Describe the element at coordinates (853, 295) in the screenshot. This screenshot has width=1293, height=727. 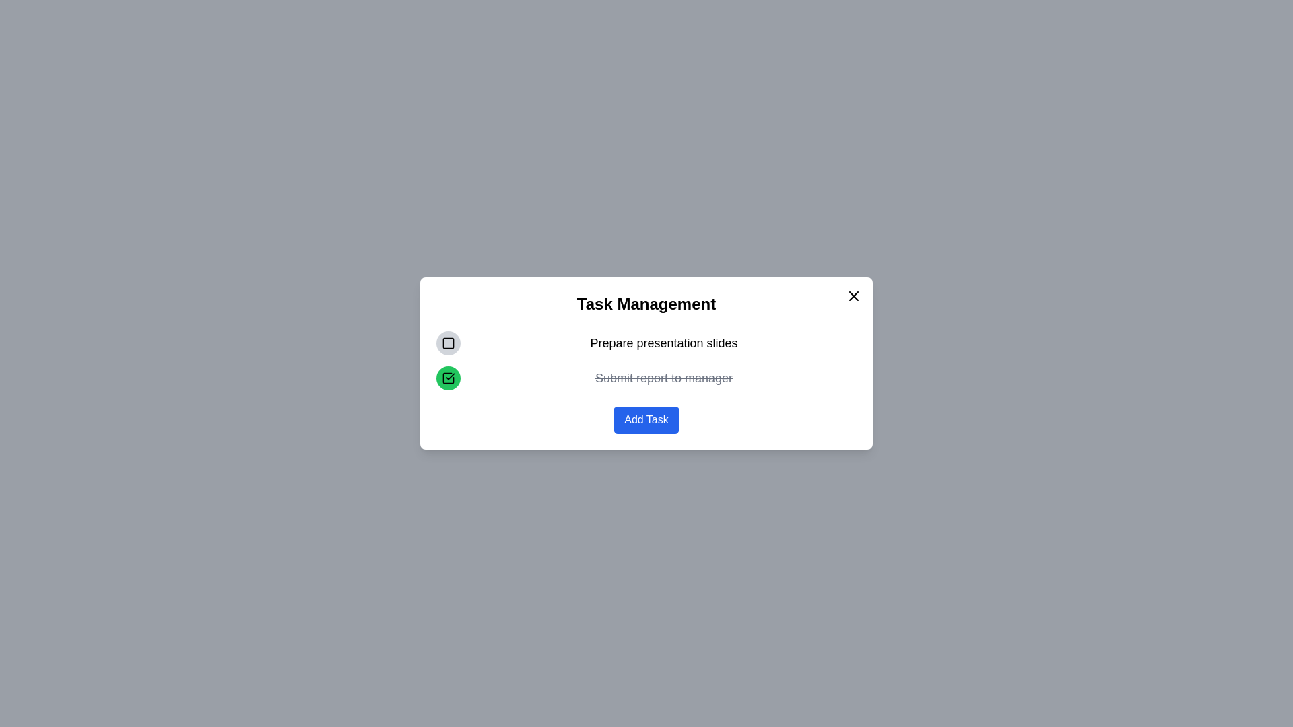
I see `the 'X' icon located at the top-right corner of the 'Task Management' dialog box` at that location.